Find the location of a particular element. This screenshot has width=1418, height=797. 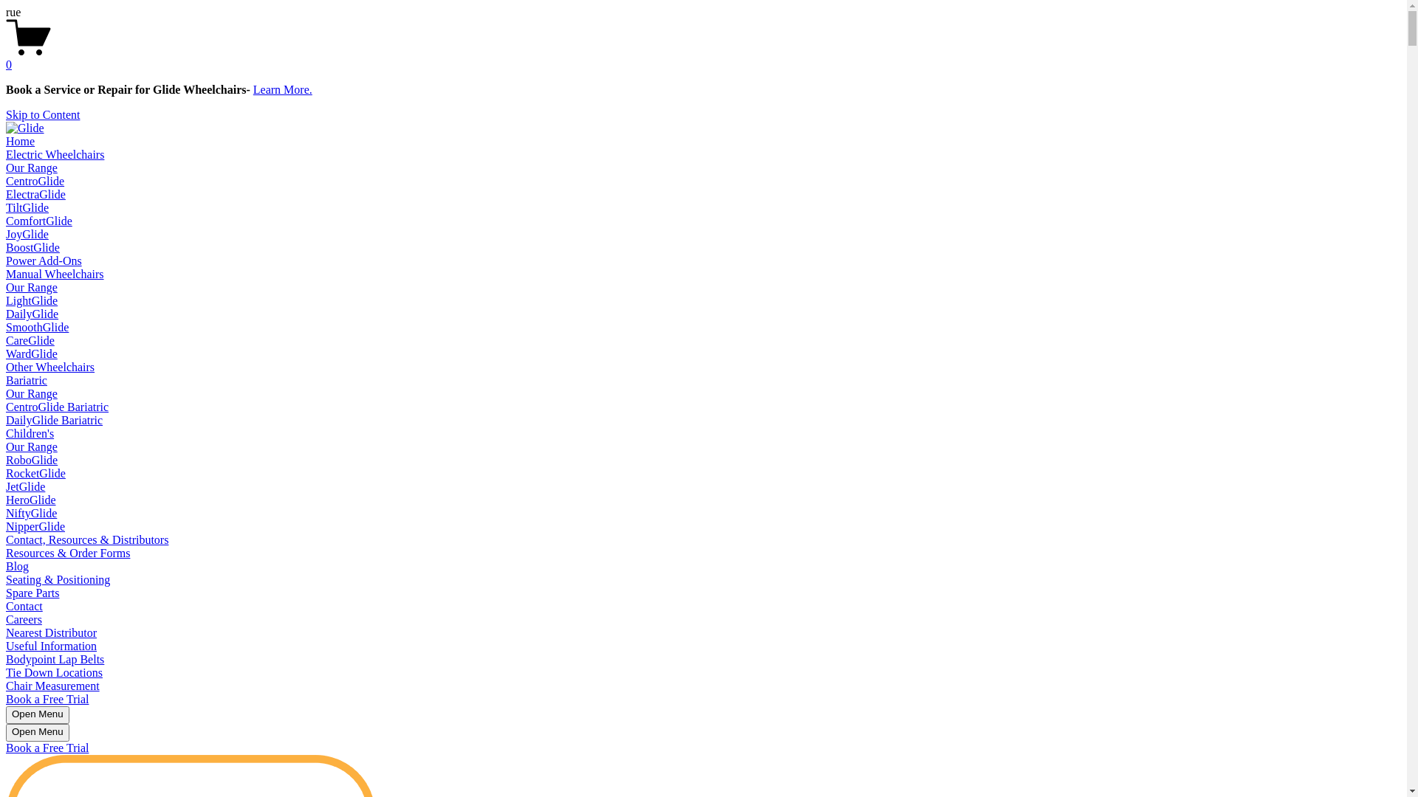

'LightGlide' is located at coordinates (32, 300).